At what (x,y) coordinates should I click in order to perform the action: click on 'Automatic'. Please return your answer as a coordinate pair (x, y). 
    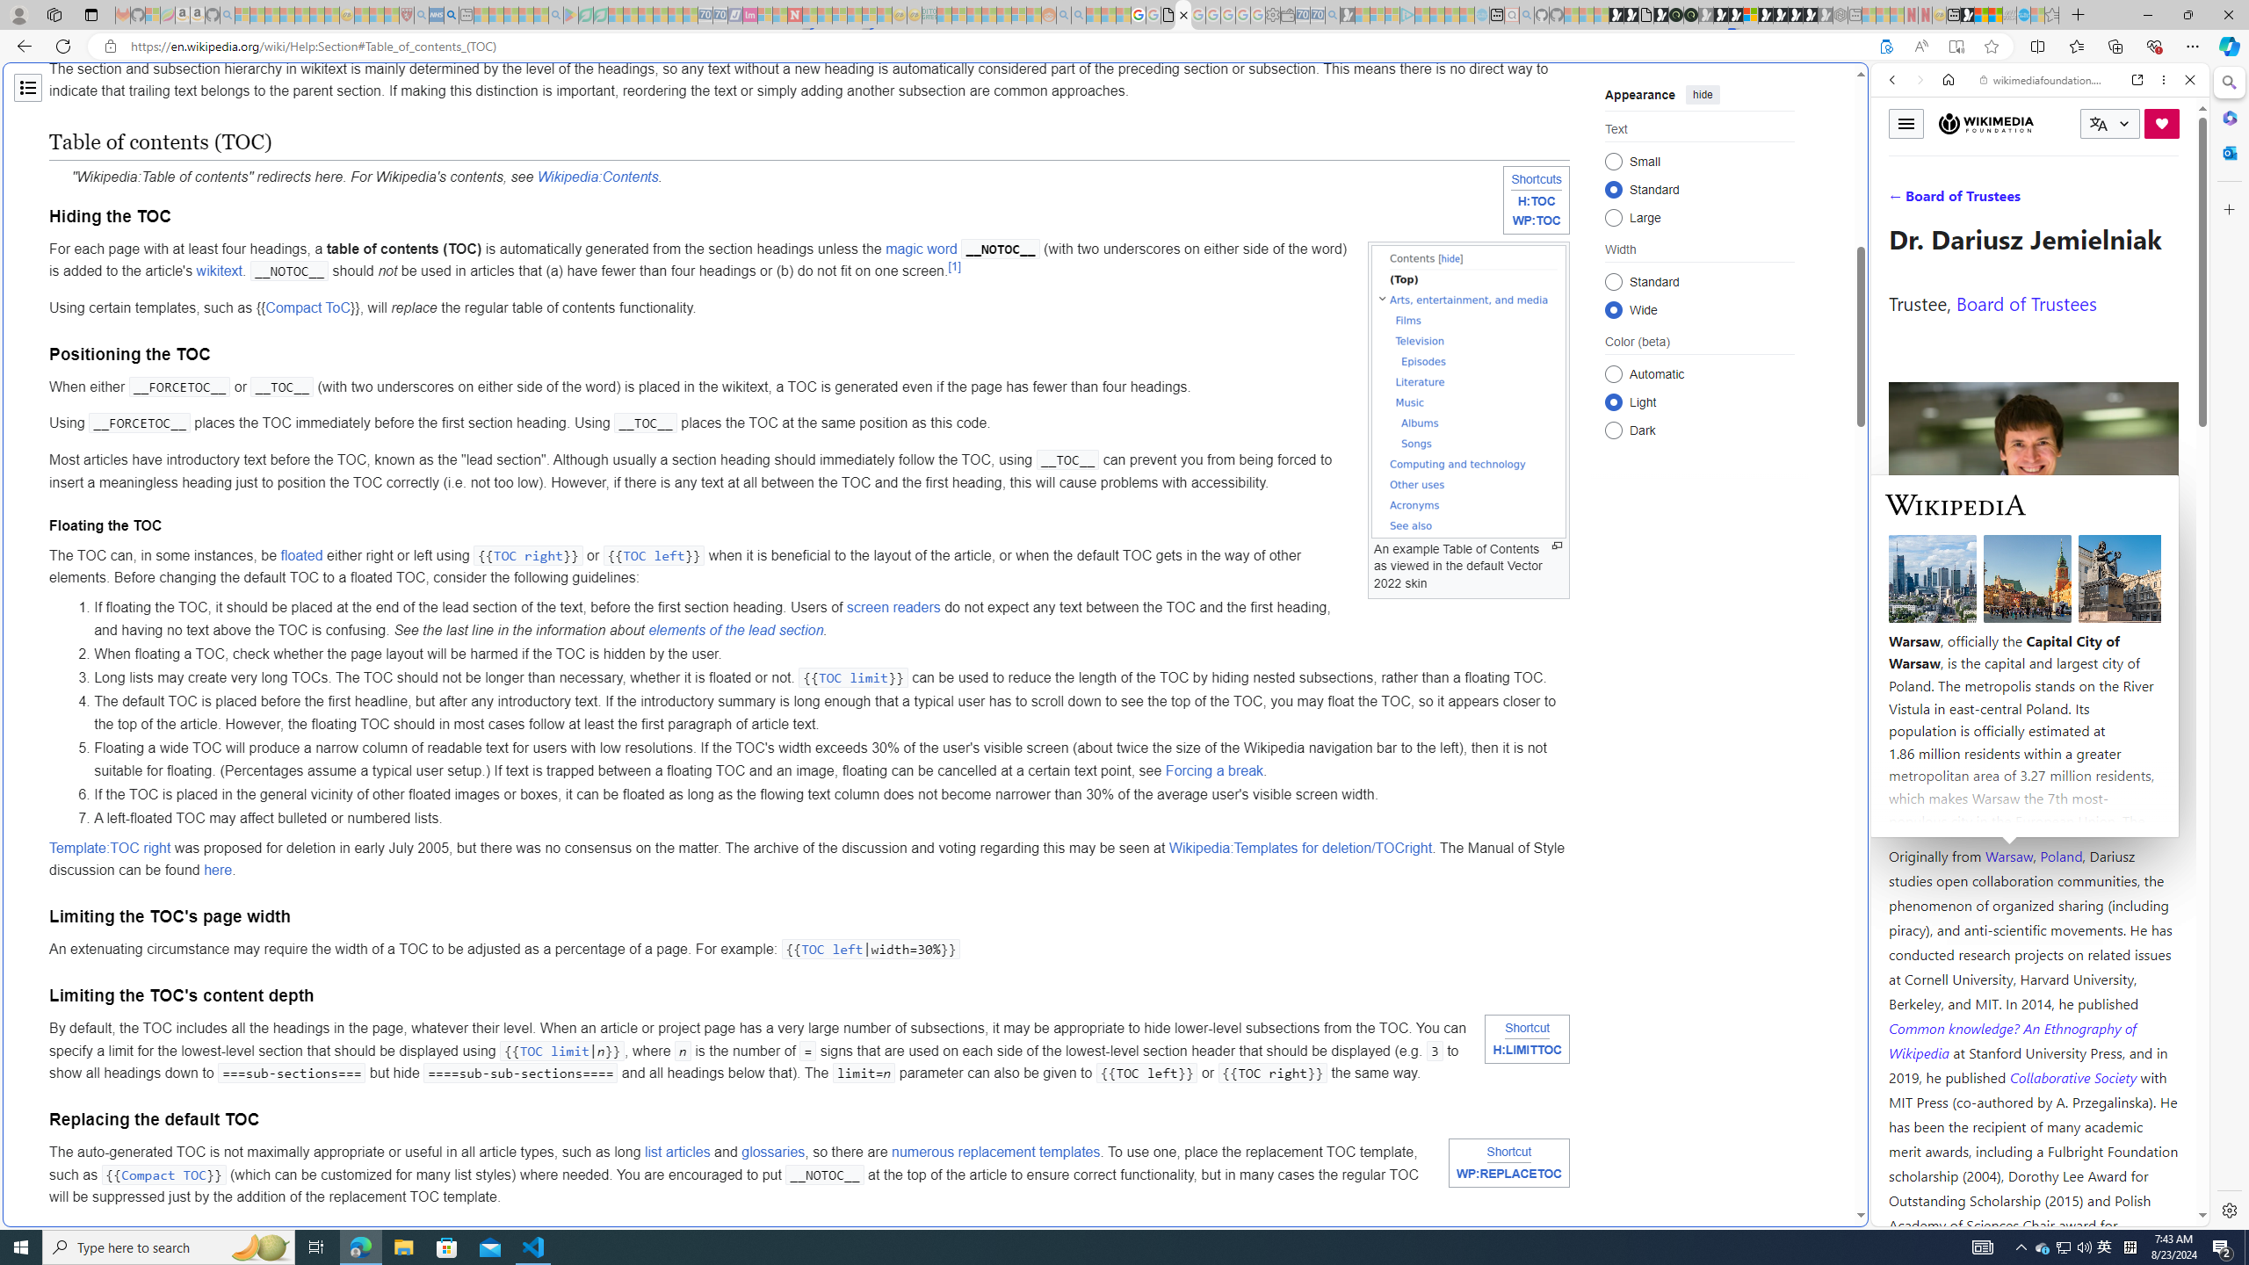
    Looking at the image, I should click on (1612, 373).